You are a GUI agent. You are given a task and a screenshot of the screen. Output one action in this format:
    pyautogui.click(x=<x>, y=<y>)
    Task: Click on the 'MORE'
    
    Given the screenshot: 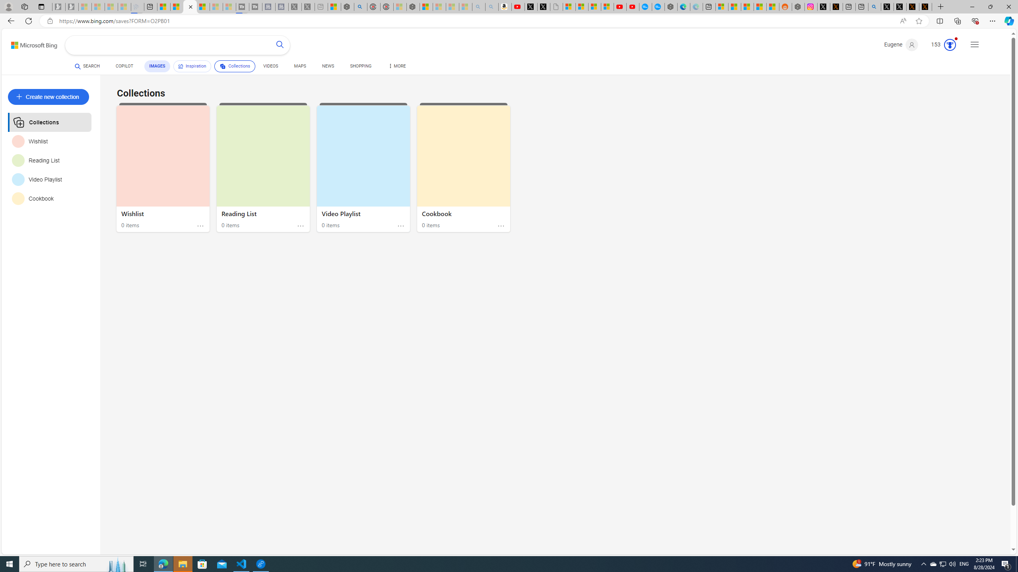 What is the action you would take?
    pyautogui.click(x=397, y=67)
    